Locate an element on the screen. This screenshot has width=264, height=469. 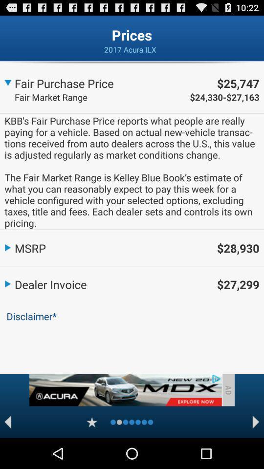
the star icon is located at coordinates (92, 451).